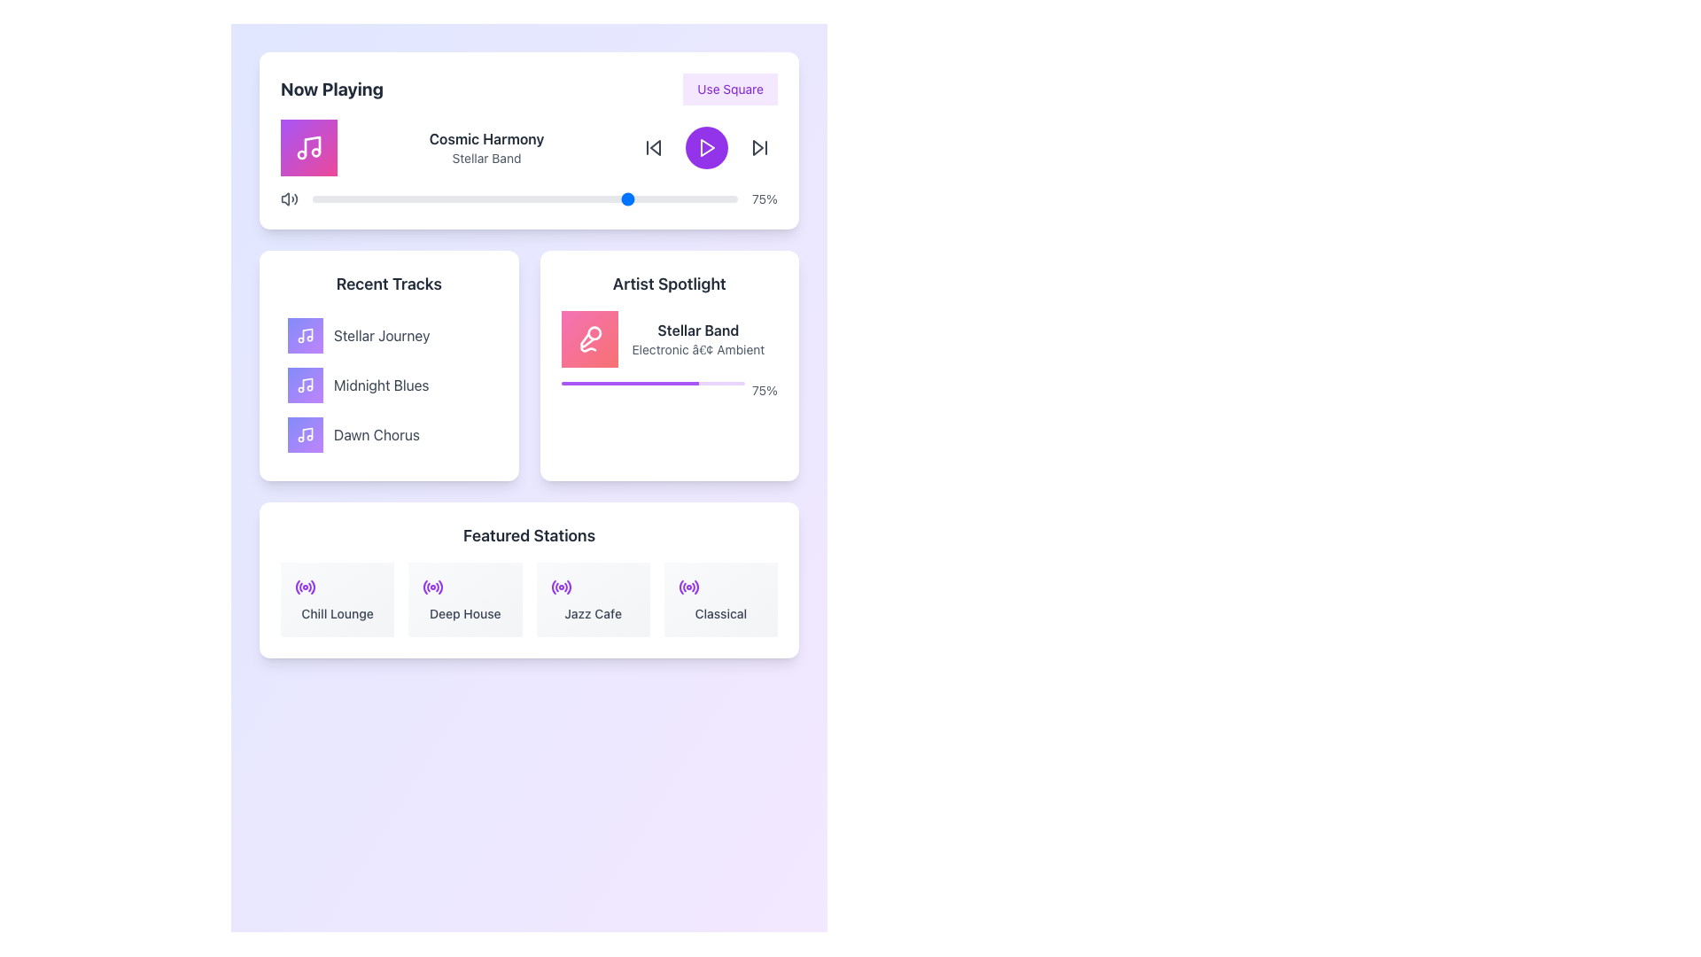  What do you see at coordinates (705, 146) in the screenshot?
I see `the triangular play icon button located in the 'Now Playing' section` at bounding box center [705, 146].